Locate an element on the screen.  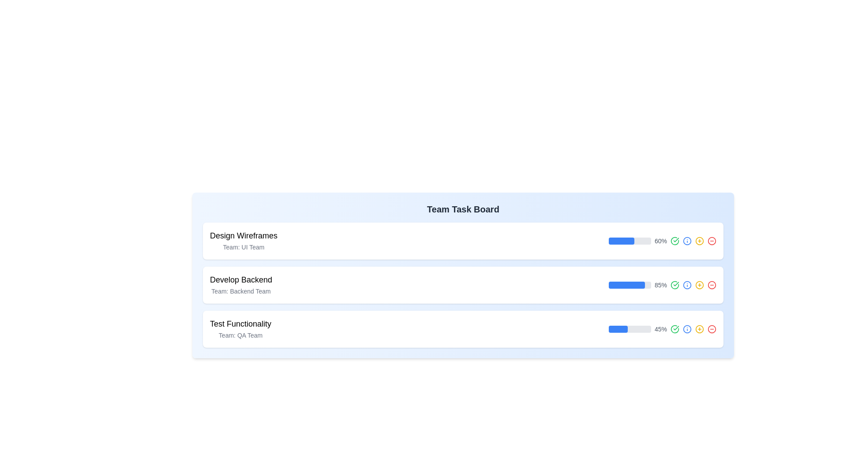
the 'Develop Backend' text label, which is styled with a bold and larger font size, located in the second row of a vertically stacked list is located at coordinates (241, 280).